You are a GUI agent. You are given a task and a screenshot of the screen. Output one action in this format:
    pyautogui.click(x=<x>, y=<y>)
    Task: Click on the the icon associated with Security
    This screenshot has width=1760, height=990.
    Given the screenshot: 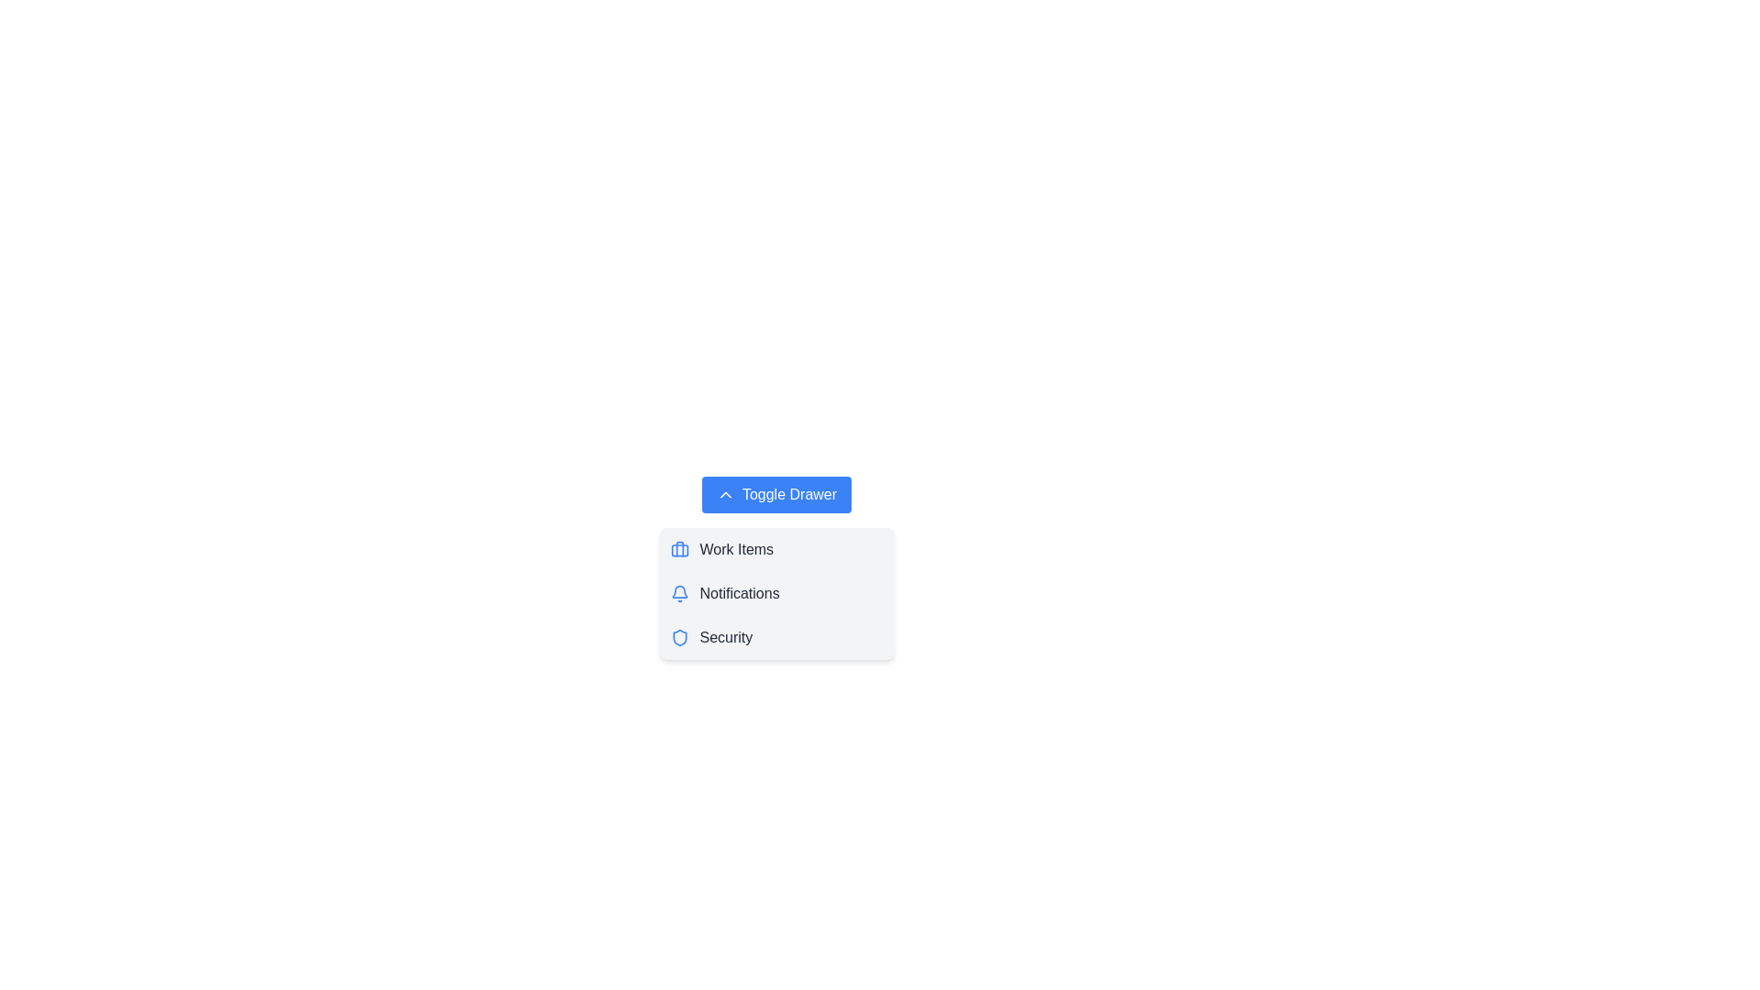 What is the action you would take?
    pyautogui.click(x=678, y=636)
    